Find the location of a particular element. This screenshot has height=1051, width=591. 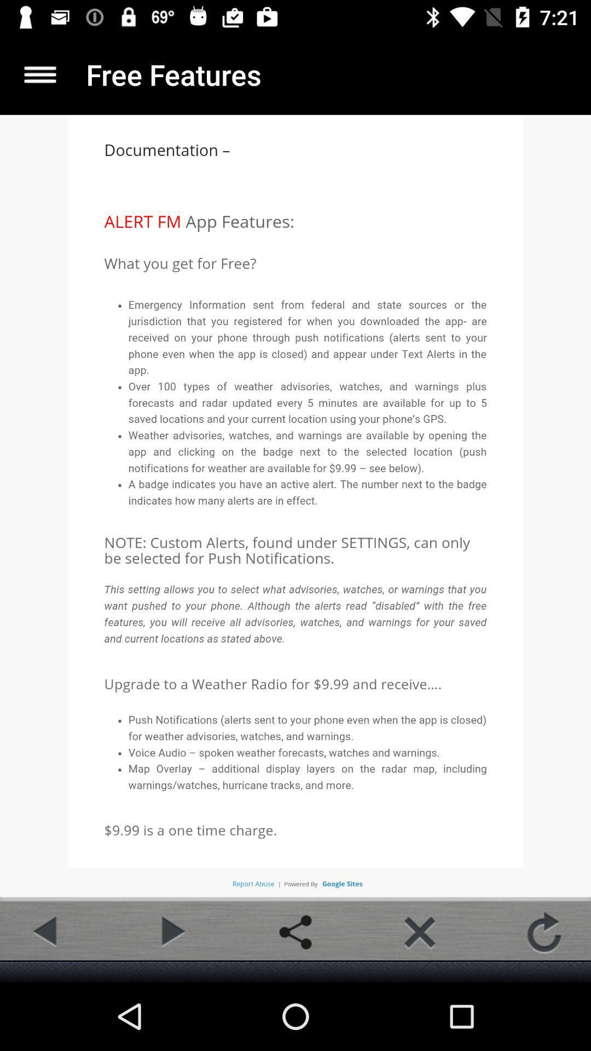

the share icon is located at coordinates (296, 932).